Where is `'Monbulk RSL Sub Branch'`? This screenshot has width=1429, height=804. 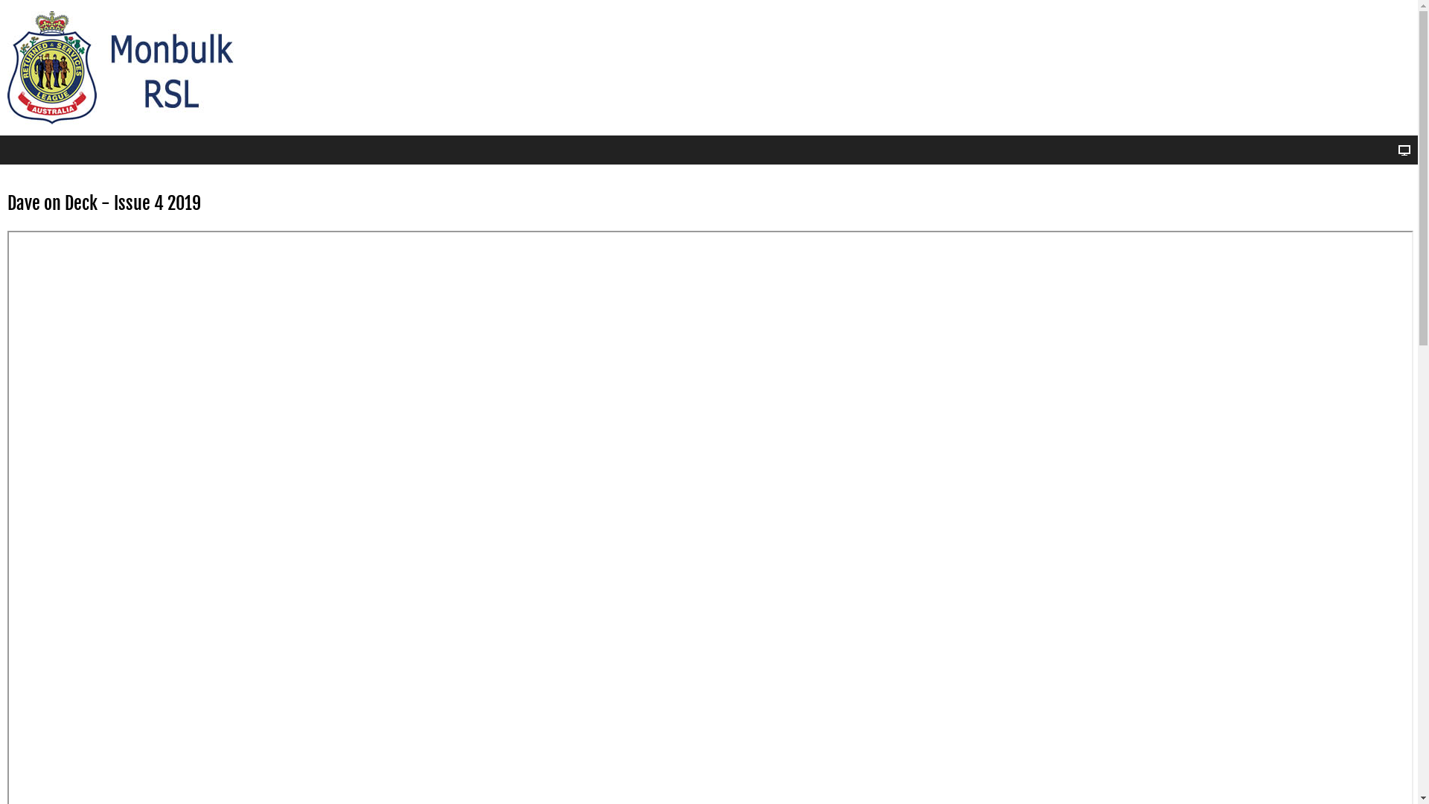
'Monbulk RSL Sub Branch' is located at coordinates (130, 68).